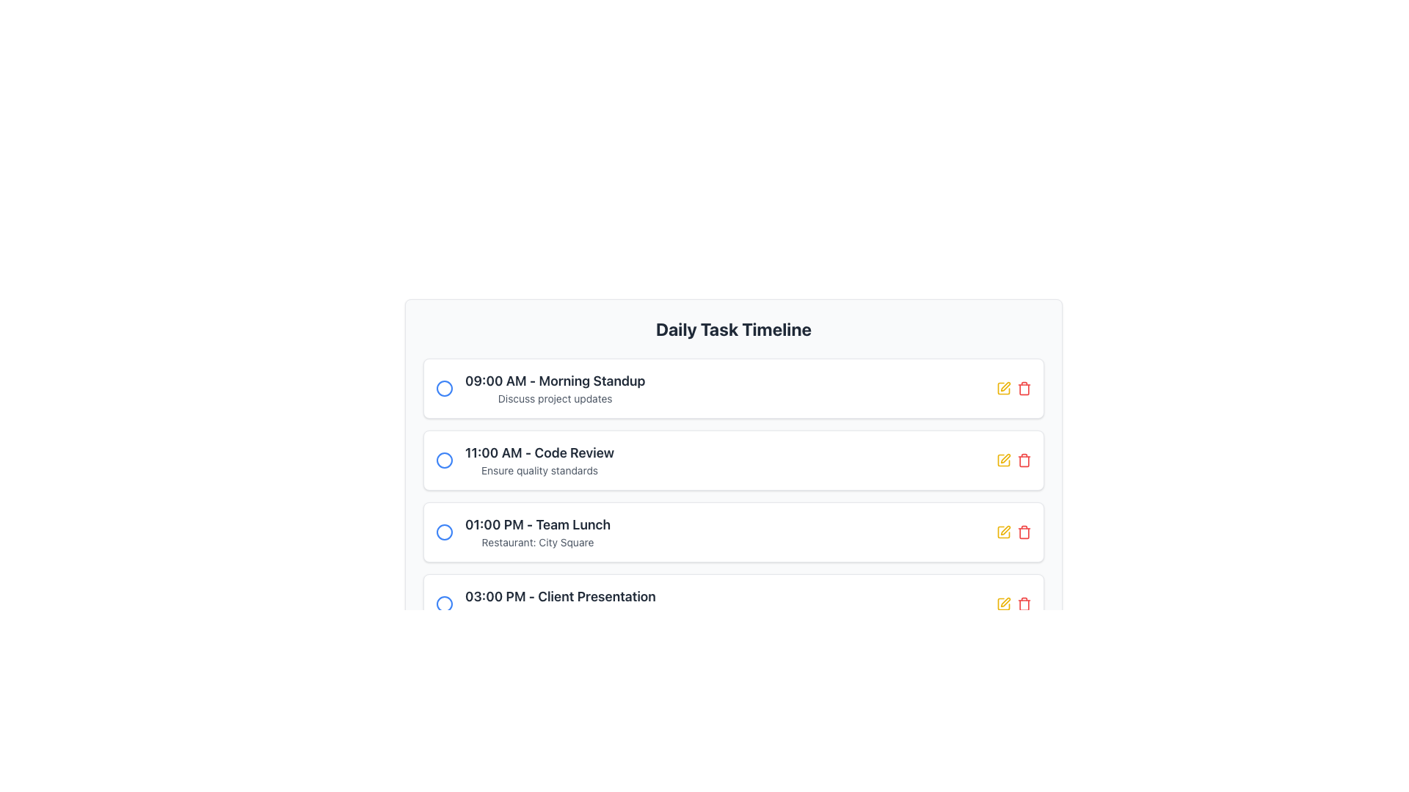 This screenshot has height=792, width=1409. Describe the element at coordinates (554, 387) in the screenshot. I see `the first text content block in the 'Daily Task Timeline' section that displays '09:00 AM - Morning Standup' and 'Discuss project updates'` at that location.